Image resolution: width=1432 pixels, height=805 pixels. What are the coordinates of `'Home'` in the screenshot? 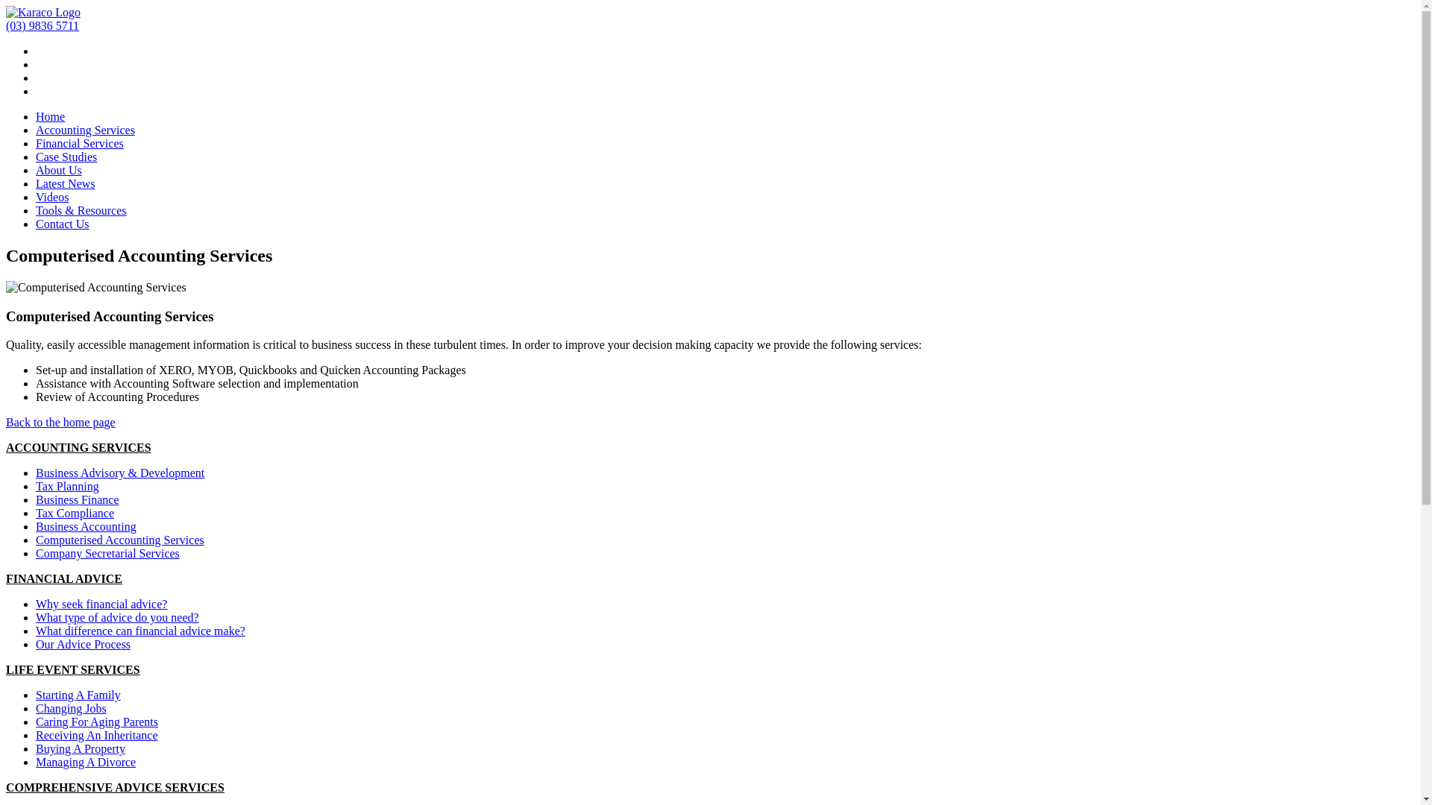 It's located at (36, 116).